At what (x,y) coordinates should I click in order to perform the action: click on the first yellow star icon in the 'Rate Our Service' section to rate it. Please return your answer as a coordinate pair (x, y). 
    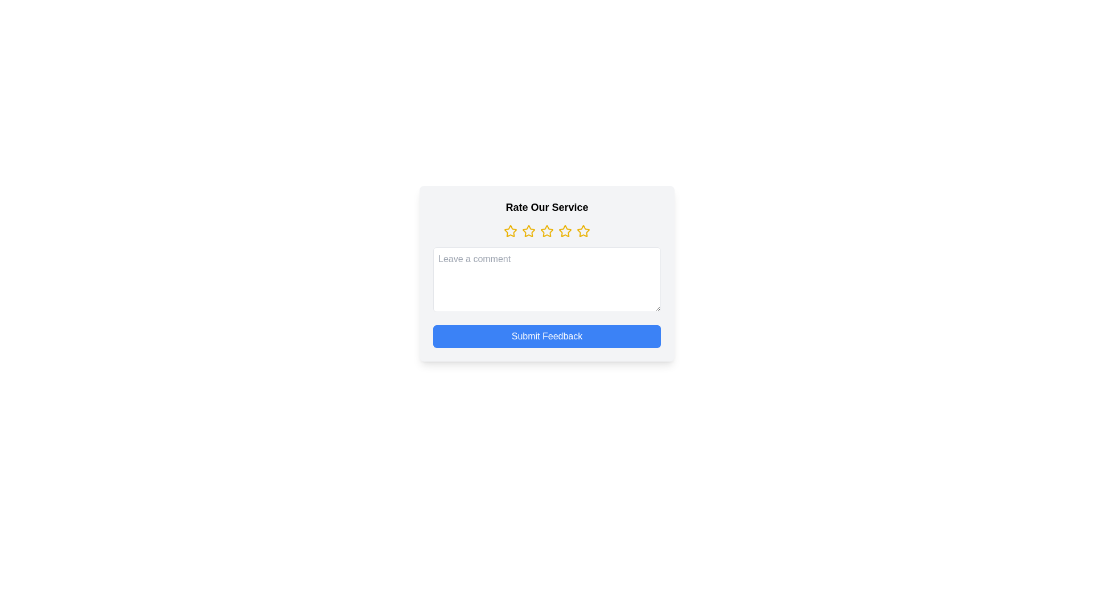
    Looking at the image, I should click on (510, 231).